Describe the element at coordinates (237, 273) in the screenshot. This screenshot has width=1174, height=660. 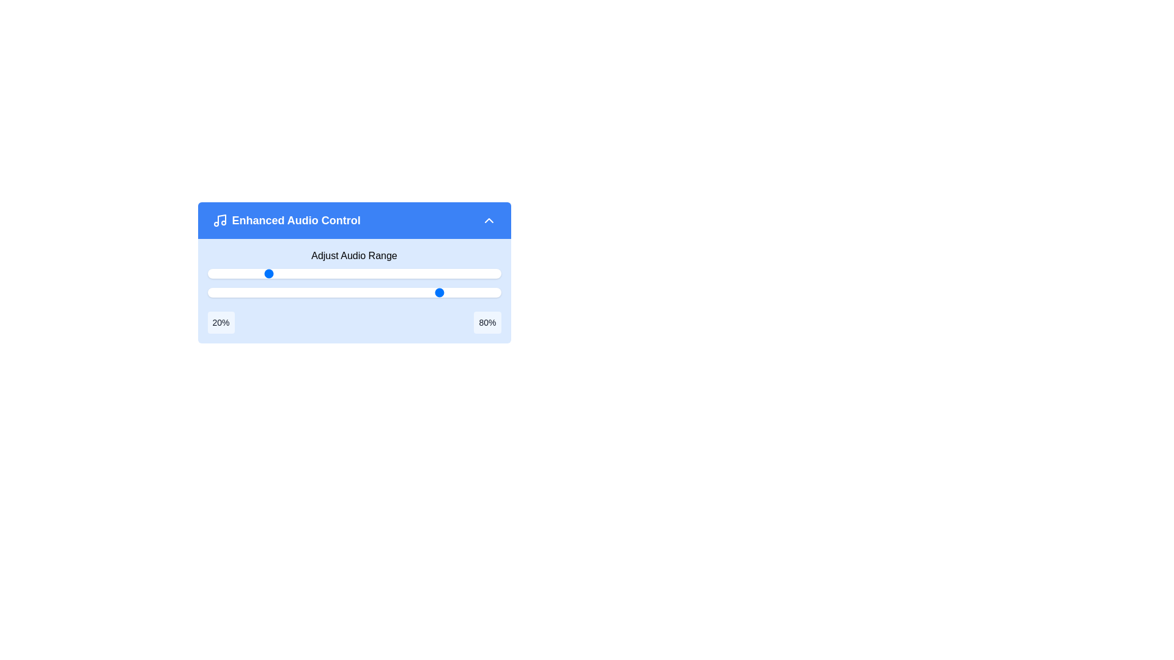
I see `the slider value` at that location.